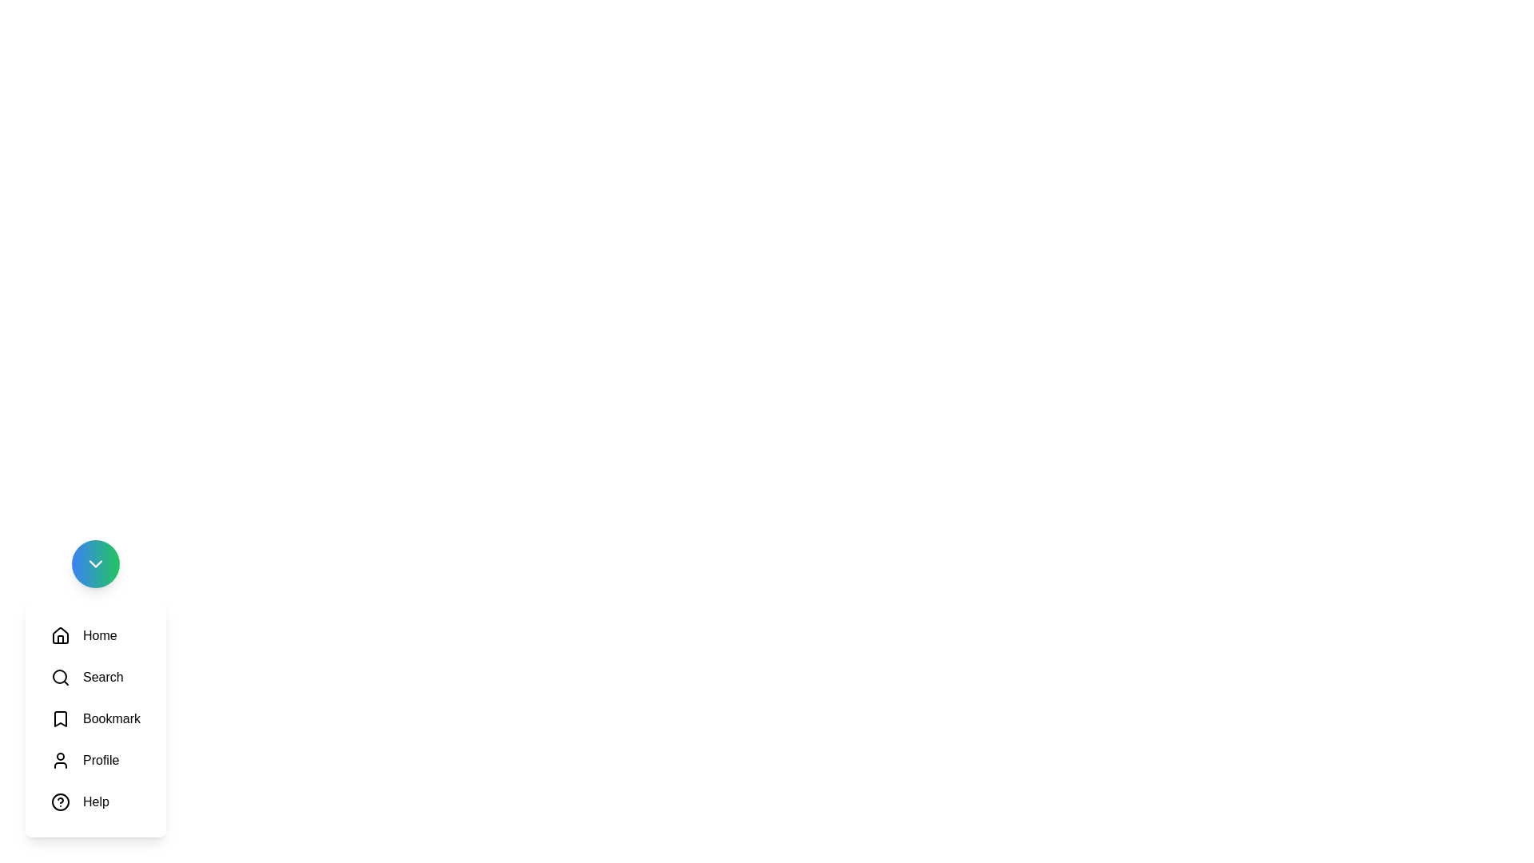  What do you see at coordinates (83, 634) in the screenshot?
I see `the Home option in the menu` at bounding box center [83, 634].